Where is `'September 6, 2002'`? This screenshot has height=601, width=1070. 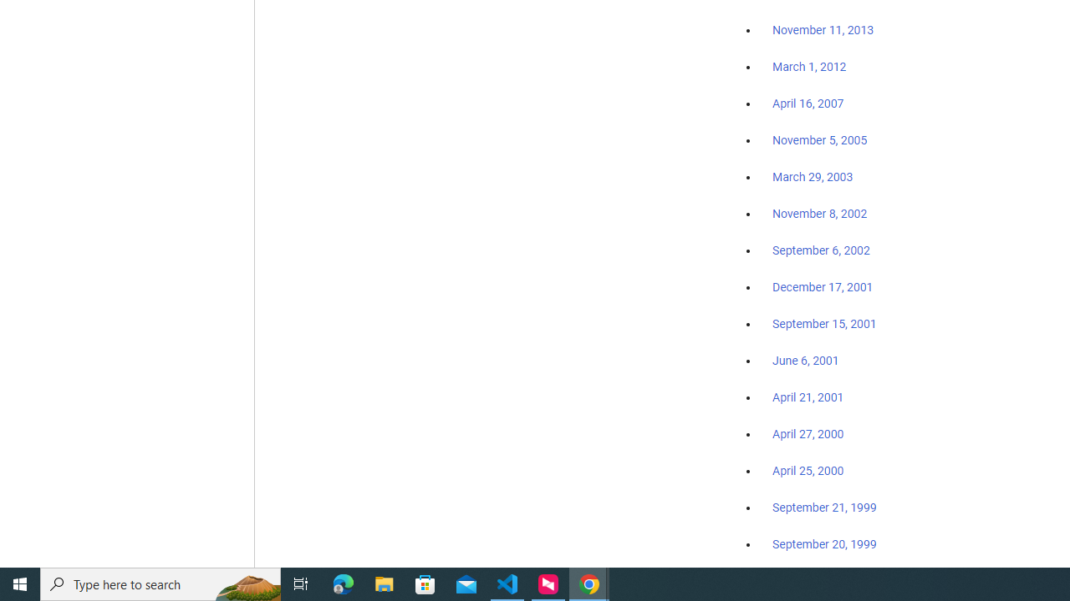
'September 6, 2002' is located at coordinates (821, 250).